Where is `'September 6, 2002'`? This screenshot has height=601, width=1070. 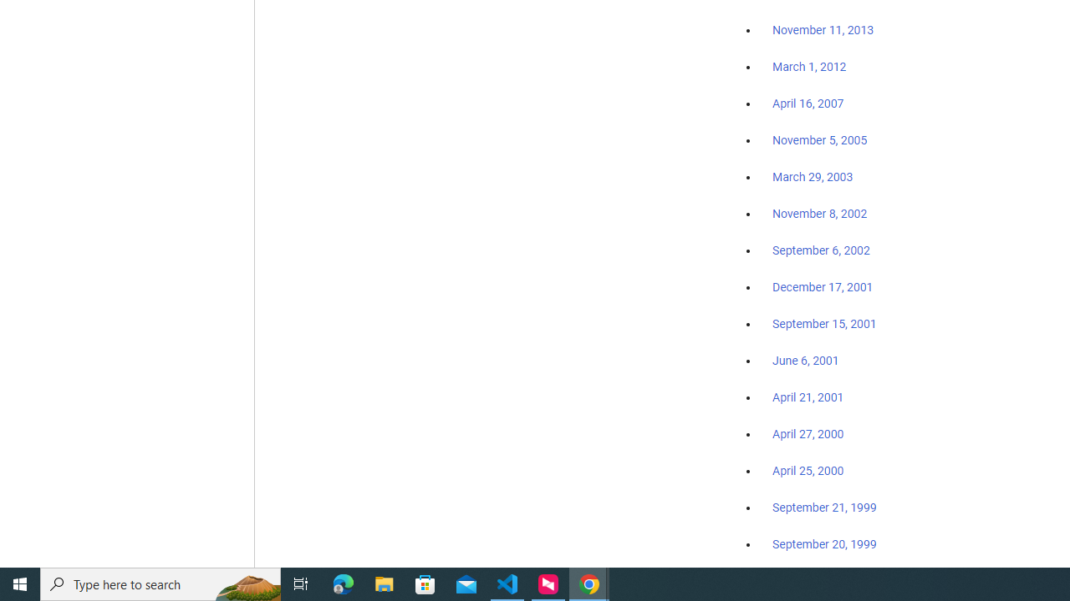
'September 6, 2002' is located at coordinates (821, 250).